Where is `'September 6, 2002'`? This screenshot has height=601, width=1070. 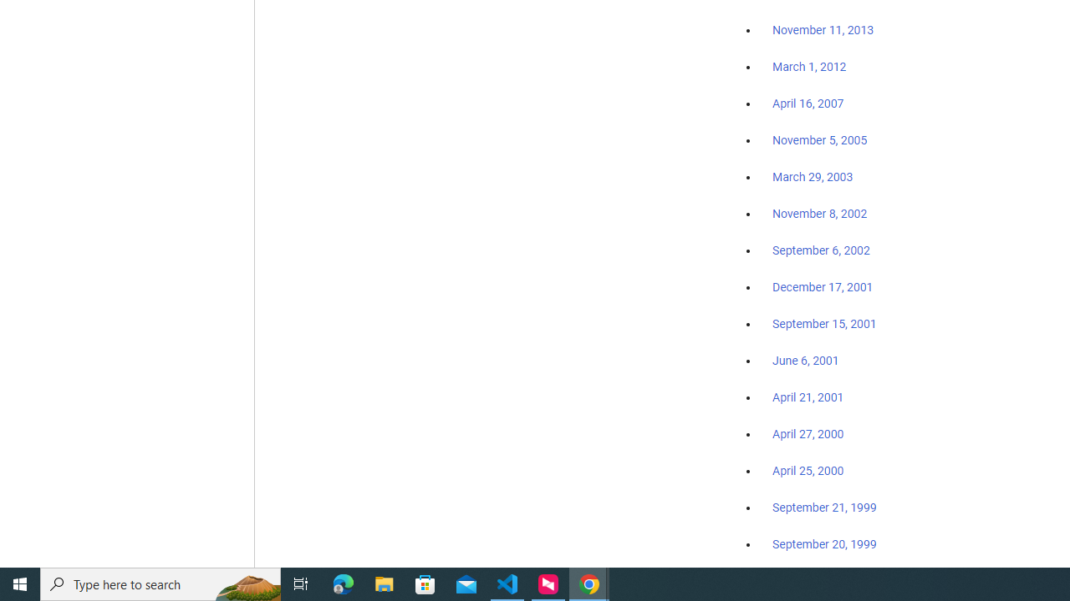
'September 6, 2002' is located at coordinates (821, 250).